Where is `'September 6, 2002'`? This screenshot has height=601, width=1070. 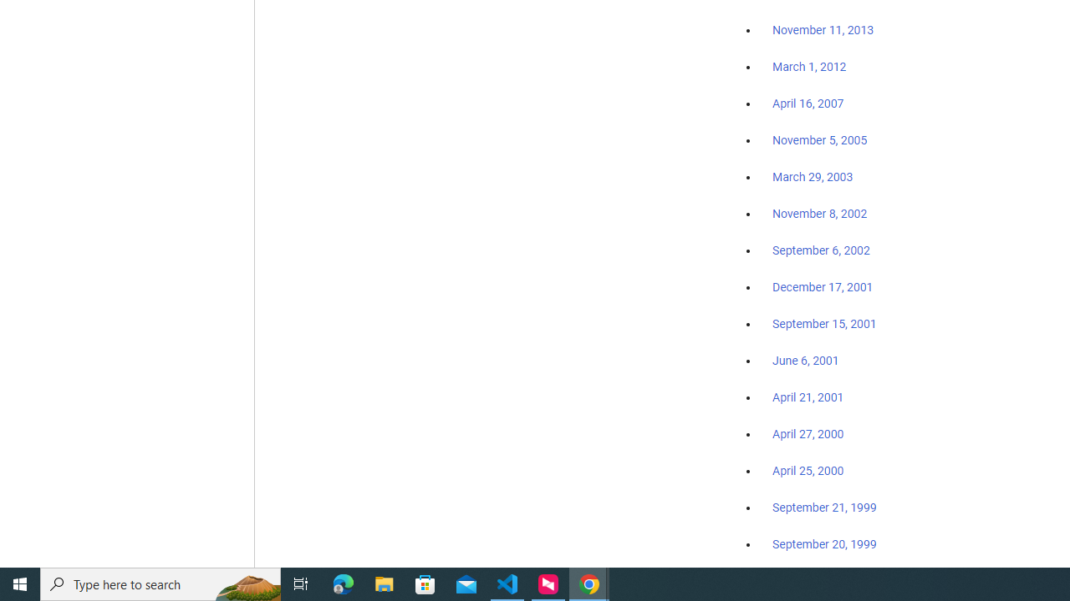
'September 6, 2002' is located at coordinates (821, 250).